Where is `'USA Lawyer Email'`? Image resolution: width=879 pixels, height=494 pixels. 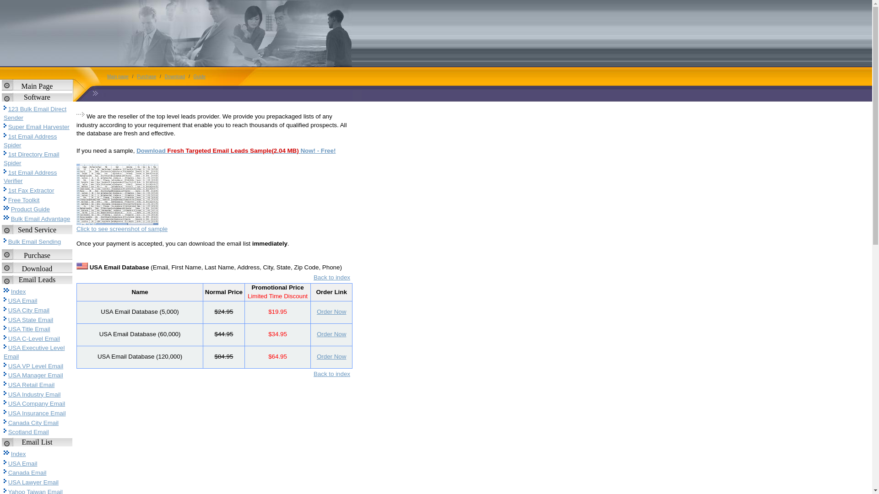
'USA Lawyer Email' is located at coordinates (8, 482).